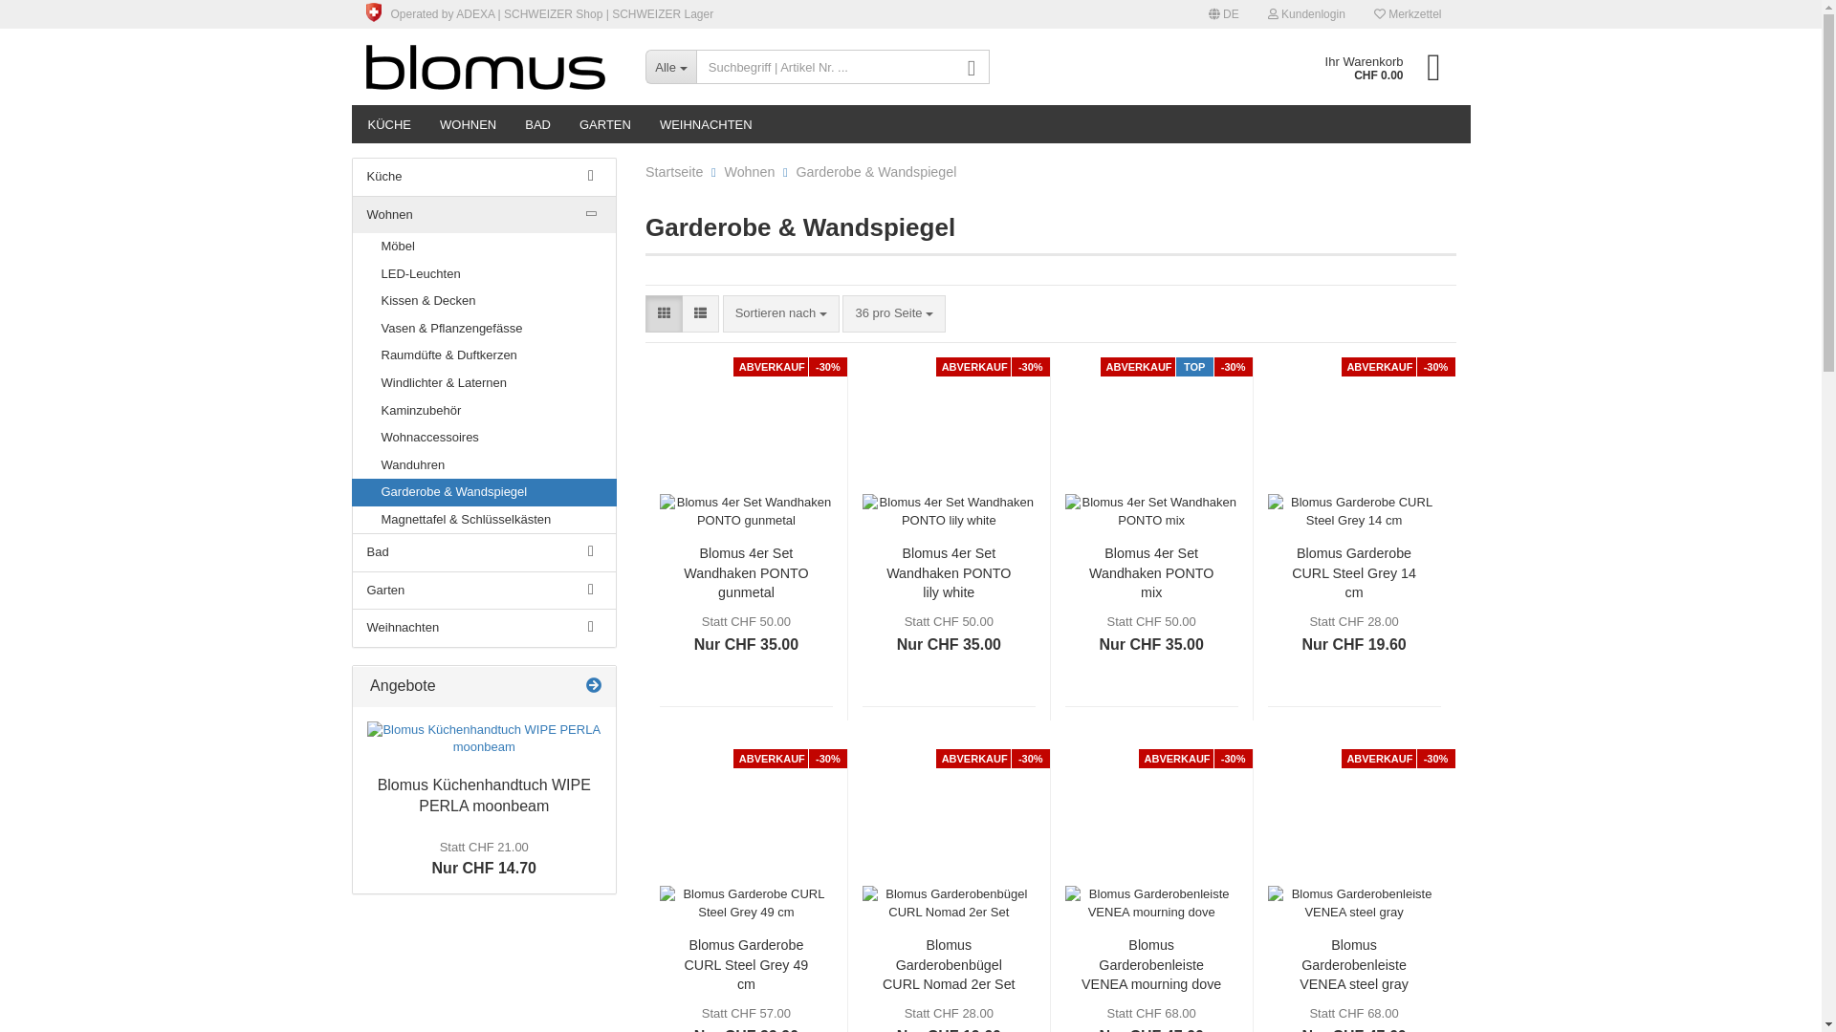  Describe the element at coordinates (1150, 570) in the screenshot. I see `'Blomus 4er Set Wandhaken PONTO mix'` at that location.